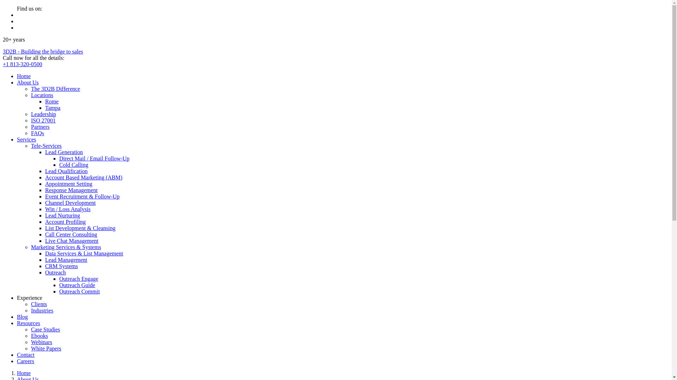 The height and width of the screenshot is (380, 677). I want to click on 'Home', so click(24, 373).